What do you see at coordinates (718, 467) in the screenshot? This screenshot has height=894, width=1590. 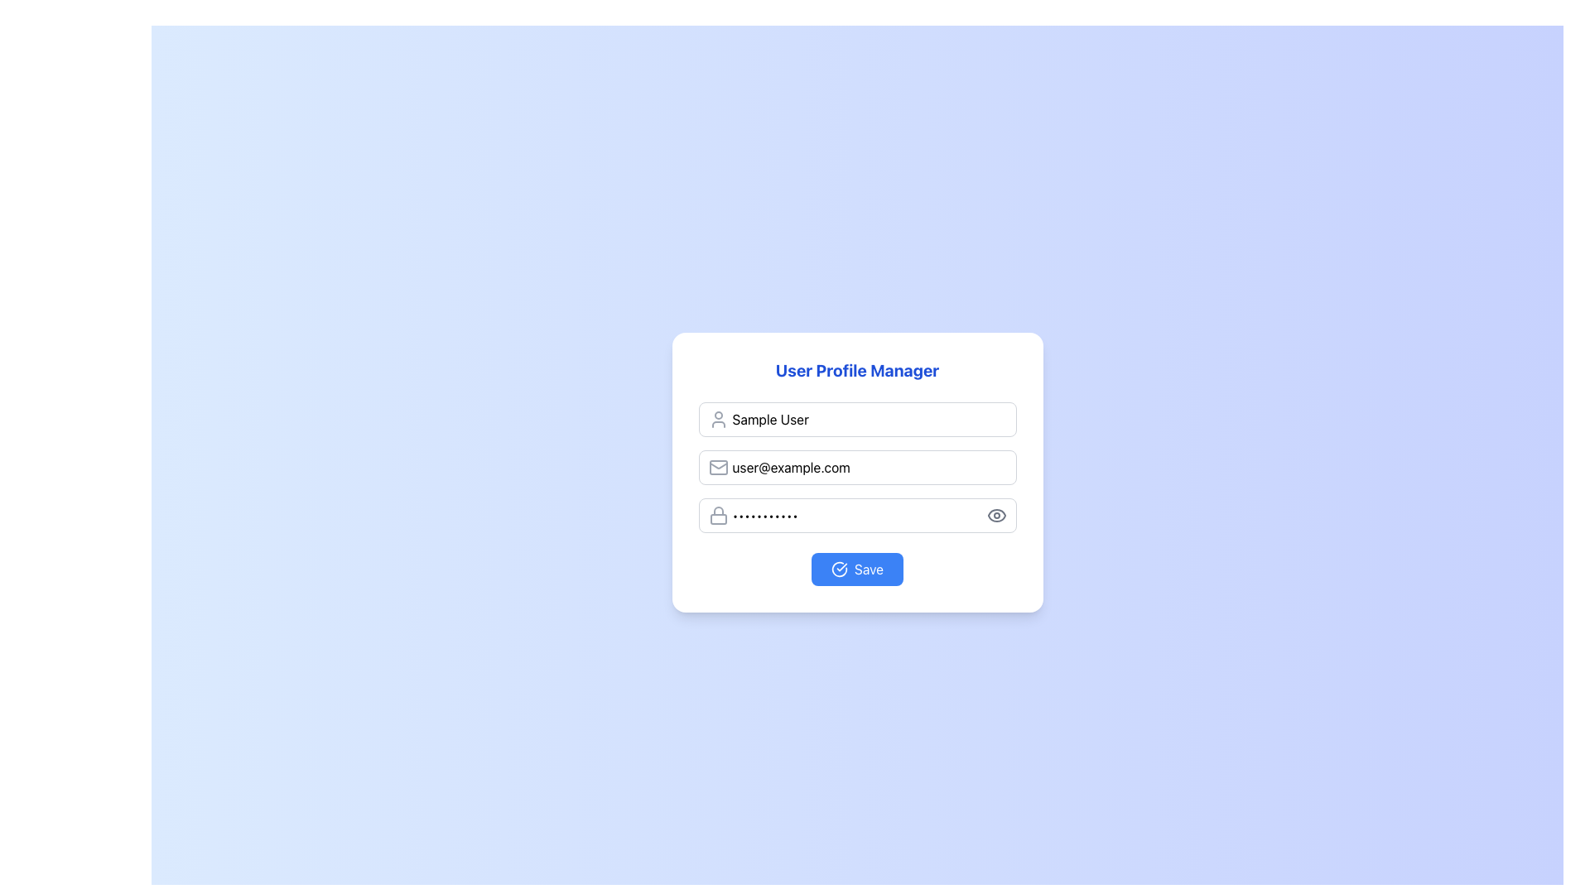 I see `the envelope icon component, which serves as the primary body of the email address input indicator, located to the left of the email address field in the User Profile Manager interface` at bounding box center [718, 467].